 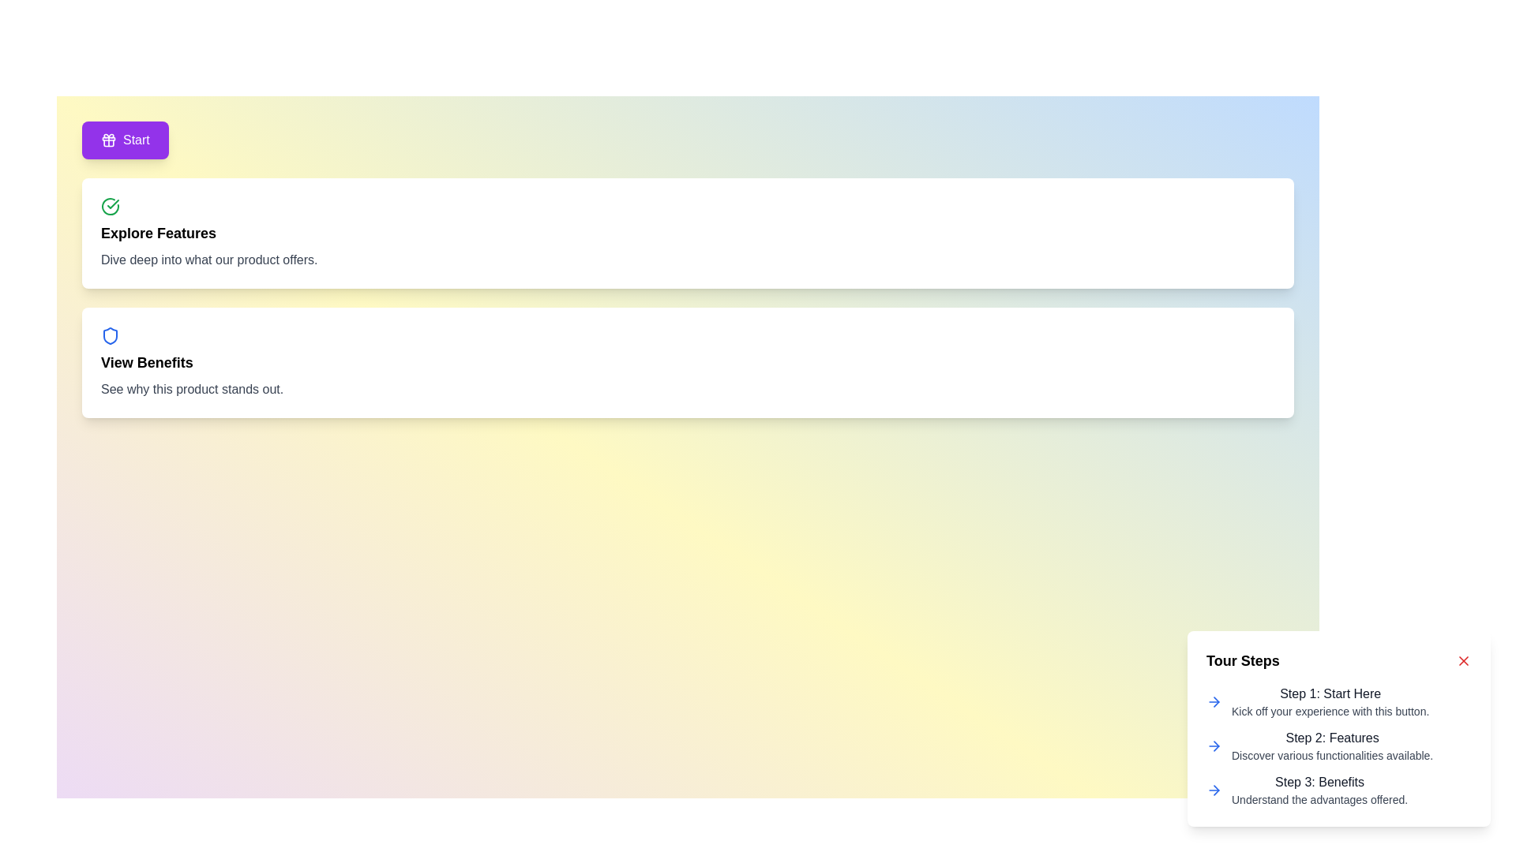 I want to click on the green checkmark icon located at the top-left corner of the 'Explore Features' section, so click(x=109, y=206).